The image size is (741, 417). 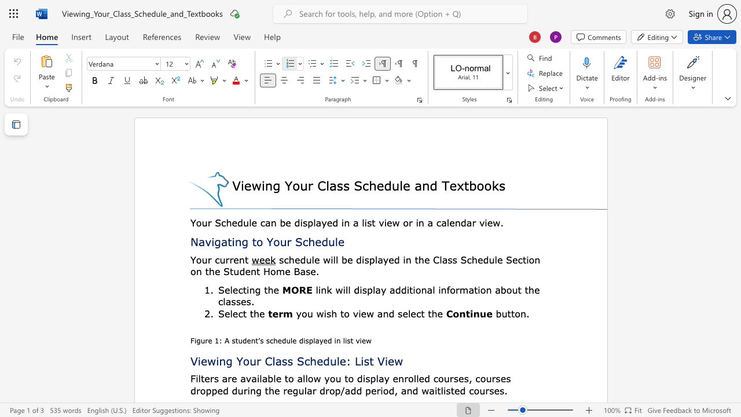 What do you see at coordinates (216, 378) in the screenshot?
I see `the 1th character "s" in the text` at bounding box center [216, 378].